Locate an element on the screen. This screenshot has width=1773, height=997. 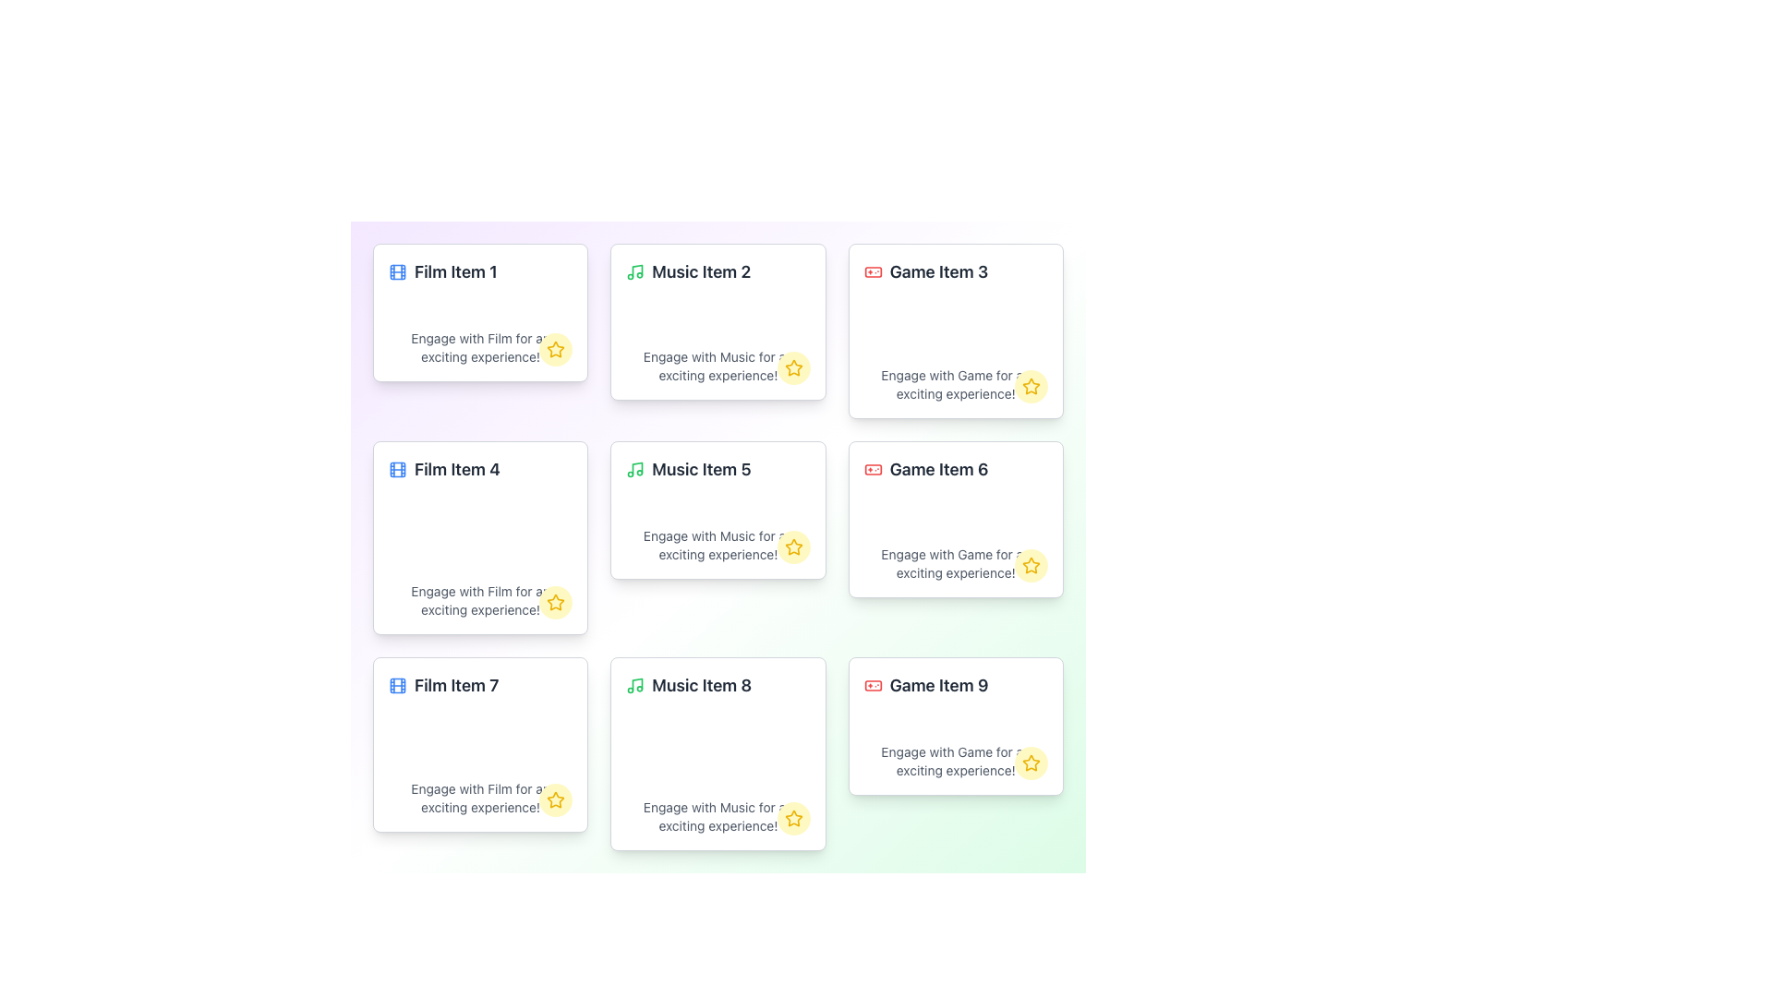
the text label that reads 'Engage with Film for an exciting experience!' located in the lower section of the card labeled 'Film Item 1' is located at coordinates (480, 348).